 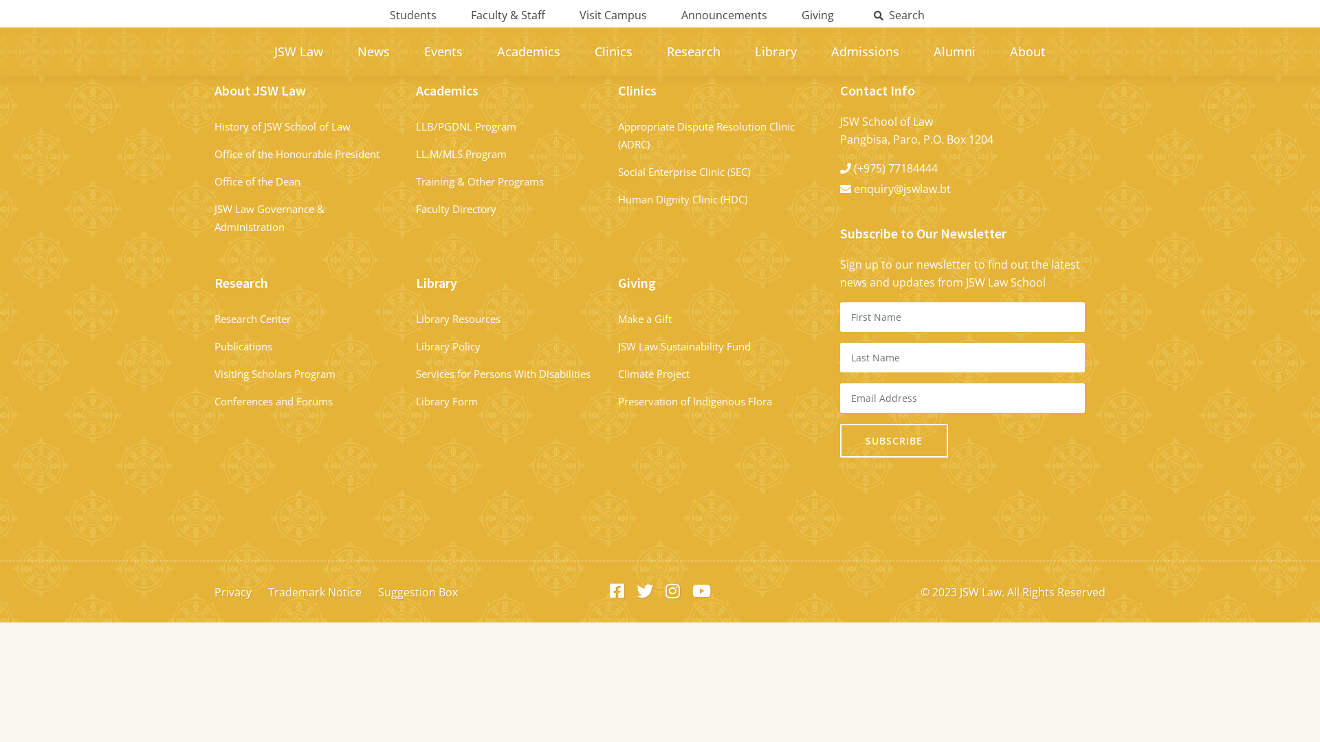 I want to click on 'Announcements', so click(x=723, y=15).